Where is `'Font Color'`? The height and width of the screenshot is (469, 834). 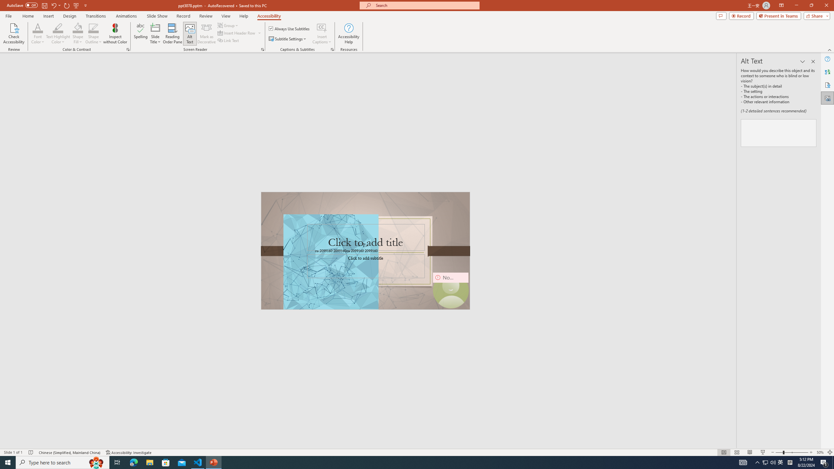 'Font Color' is located at coordinates (37, 34).